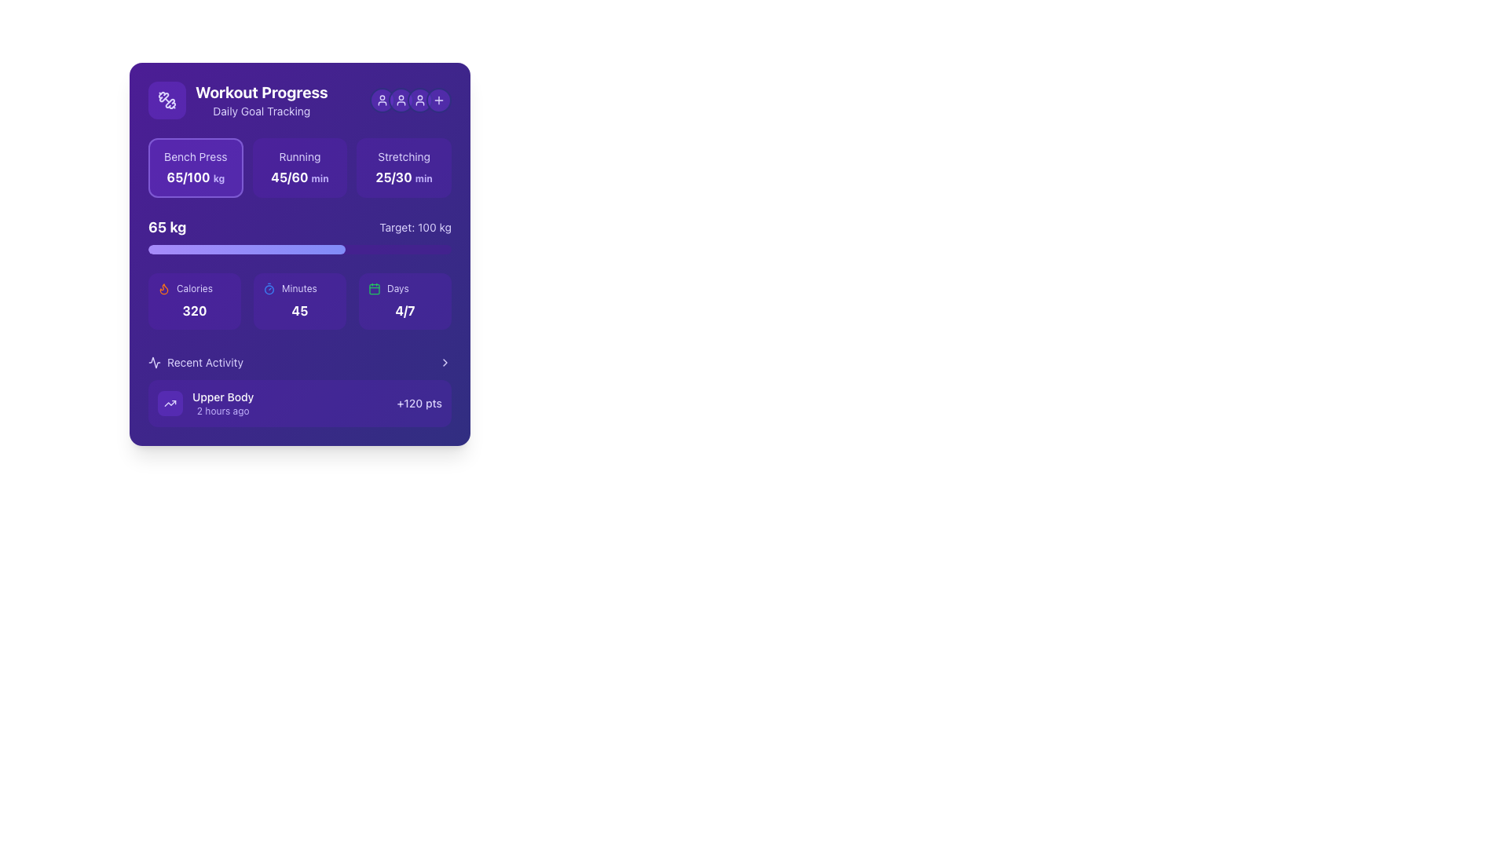  Describe the element at coordinates (382, 100) in the screenshot. I see `the user-related icon button located at the top-right corner, adjacent to the 'Workout Progress' header` at that location.